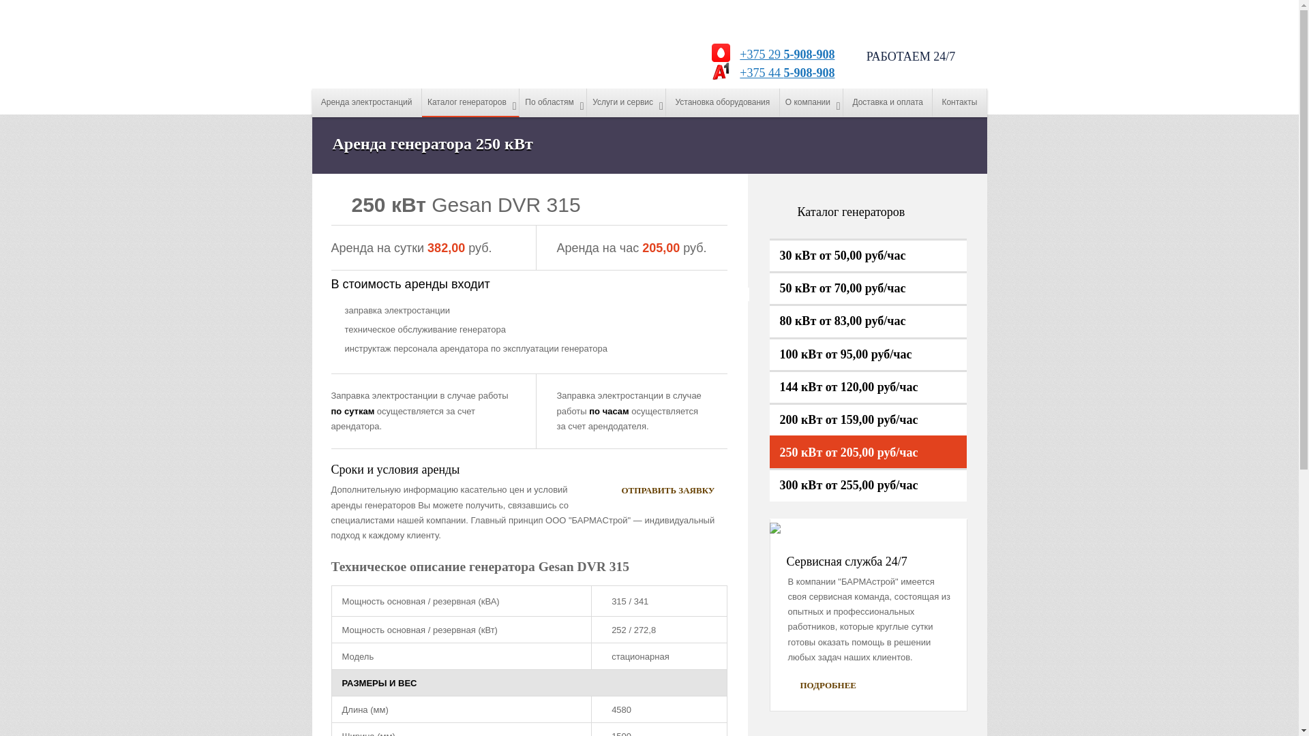 The width and height of the screenshot is (1309, 736). Describe the element at coordinates (783, 73) in the screenshot. I see `'+375 44 5-908-908'` at that location.